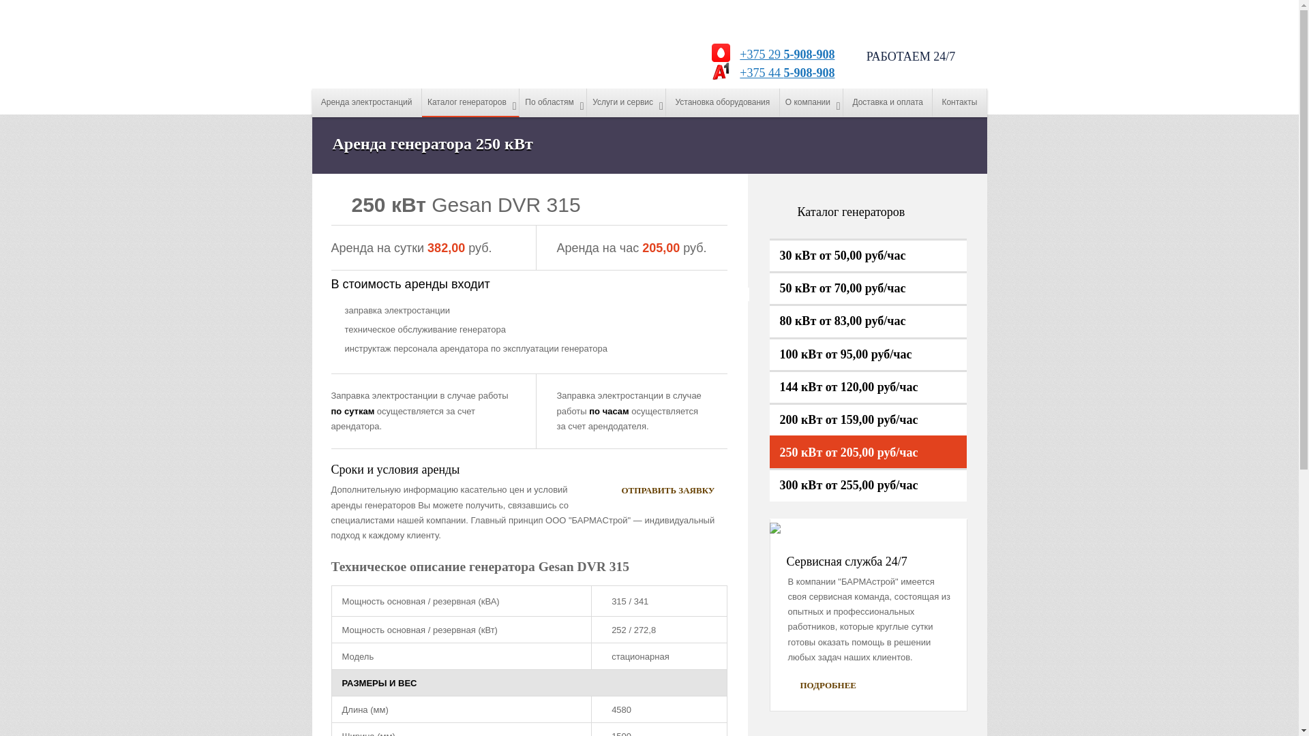 The width and height of the screenshot is (1309, 736). Describe the element at coordinates (783, 73) in the screenshot. I see `'+375 44 5-908-908'` at that location.